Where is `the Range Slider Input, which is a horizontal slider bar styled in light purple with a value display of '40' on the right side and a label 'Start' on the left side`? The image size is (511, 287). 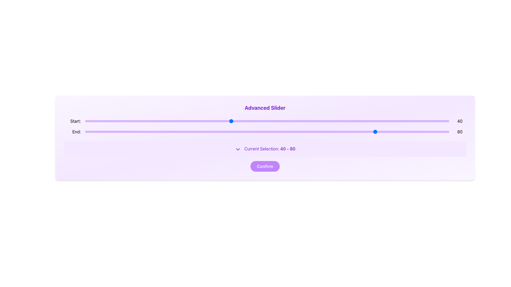
the Range Slider Input, which is a horizontal slider bar styled in light purple with a value display of '40' on the right side and a label 'Start' on the left side is located at coordinates (265, 121).